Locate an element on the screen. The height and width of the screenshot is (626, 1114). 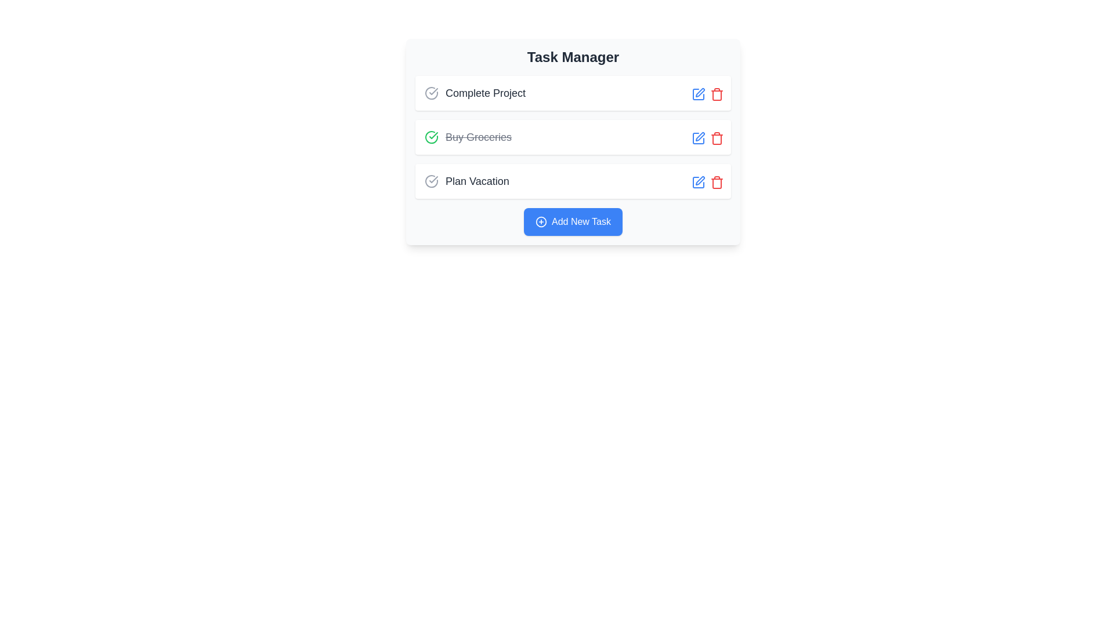
the 'Complete Project' label, which is a bold, medium-sized text in dark gray on a white background, representing the title of the topmost task in the task list is located at coordinates (486, 93).